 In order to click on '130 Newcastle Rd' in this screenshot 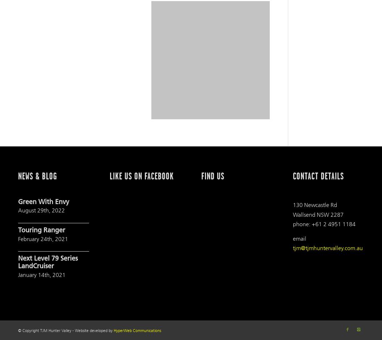, I will do `click(315, 205)`.